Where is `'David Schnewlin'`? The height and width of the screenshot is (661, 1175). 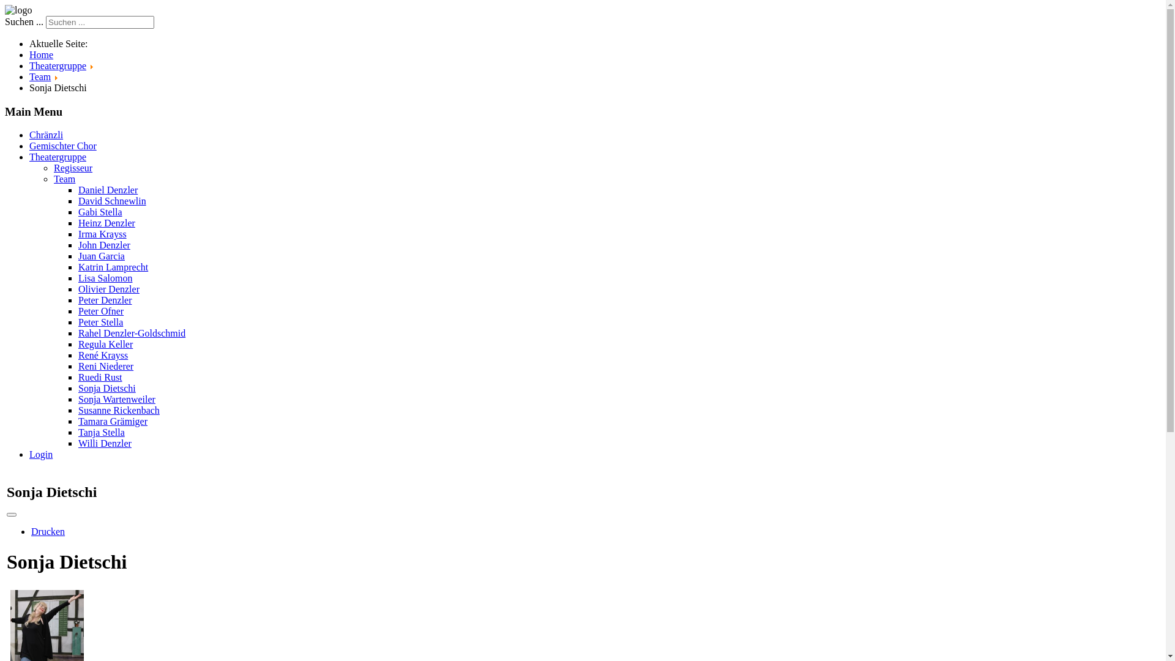 'David Schnewlin' is located at coordinates (112, 200).